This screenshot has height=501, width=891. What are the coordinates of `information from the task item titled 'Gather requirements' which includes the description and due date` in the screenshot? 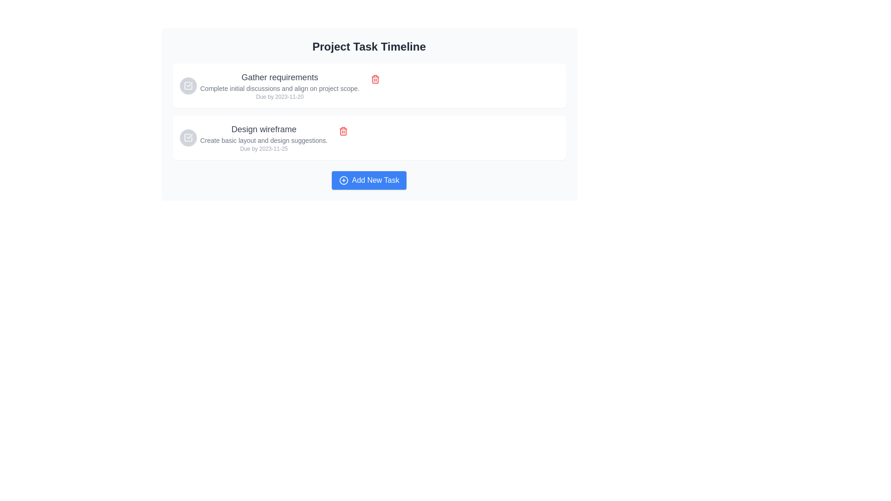 It's located at (269, 86).